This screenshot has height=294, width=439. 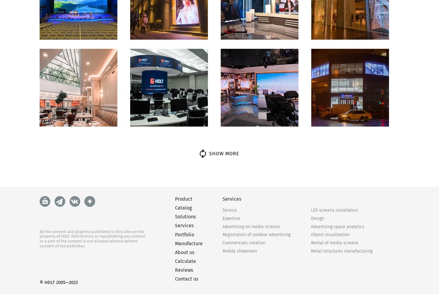 I want to click on 'Wi-Fi module', so click(x=360, y=268).